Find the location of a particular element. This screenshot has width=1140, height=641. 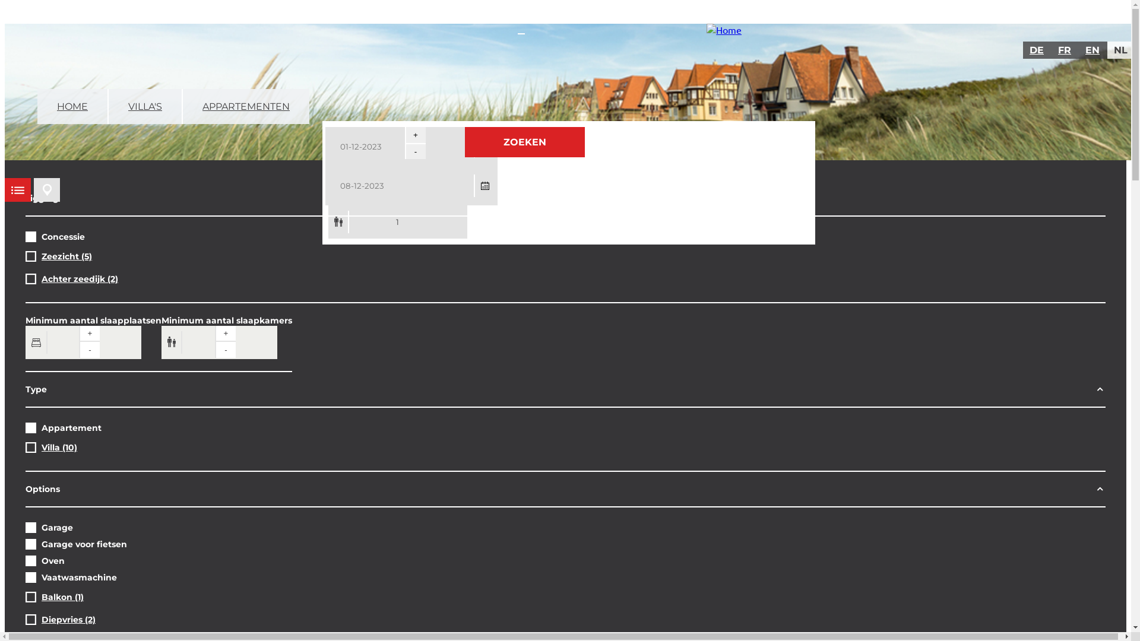

'DE' is located at coordinates (1037, 49).